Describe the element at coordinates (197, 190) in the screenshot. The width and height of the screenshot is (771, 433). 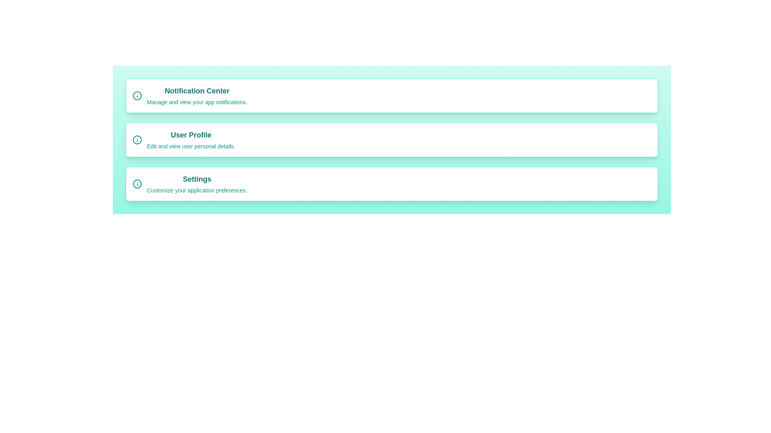
I see `the textual label displaying the message 'Customize your application preferences.' which is styled in light teal and located below the 'Settings' header within a teal-highlighted rectangular card` at that location.